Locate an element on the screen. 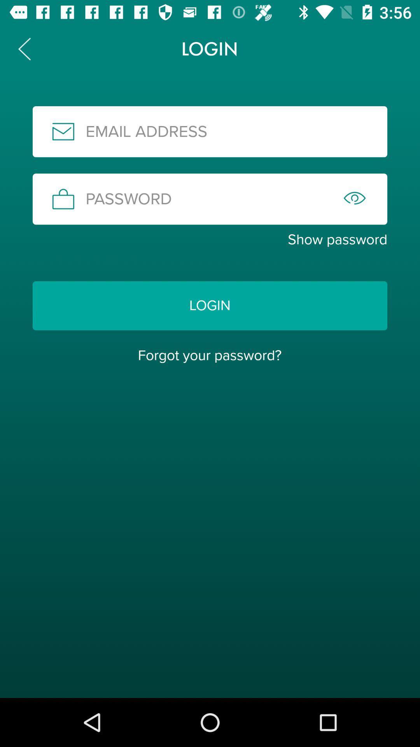  type the email address is located at coordinates (210, 132).